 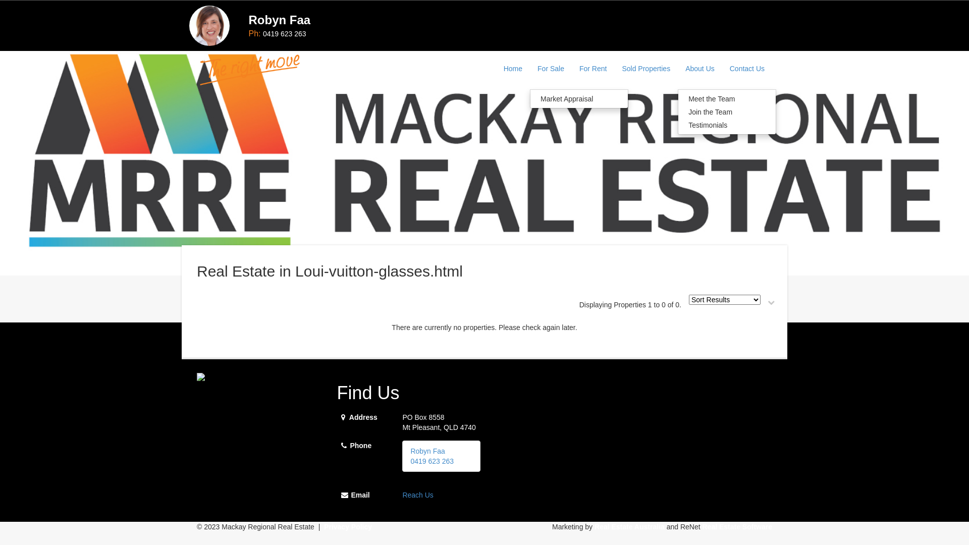 I want to click on 'About Us', so click(x=699, y=68).